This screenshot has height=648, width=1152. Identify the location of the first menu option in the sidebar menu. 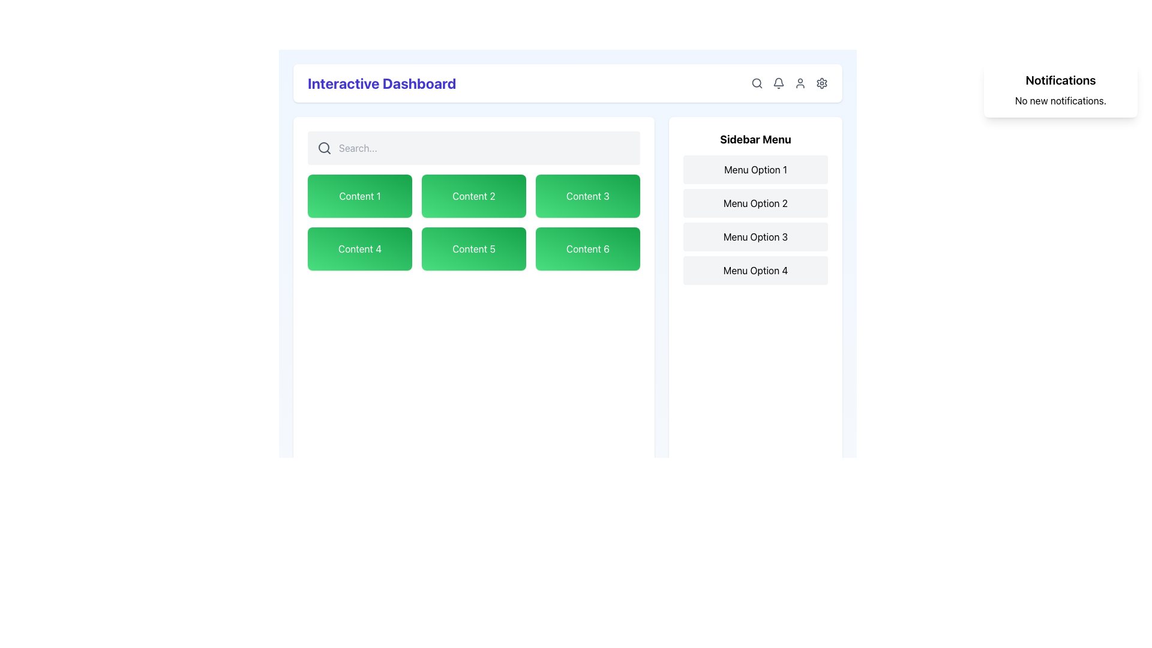
(755, 169).